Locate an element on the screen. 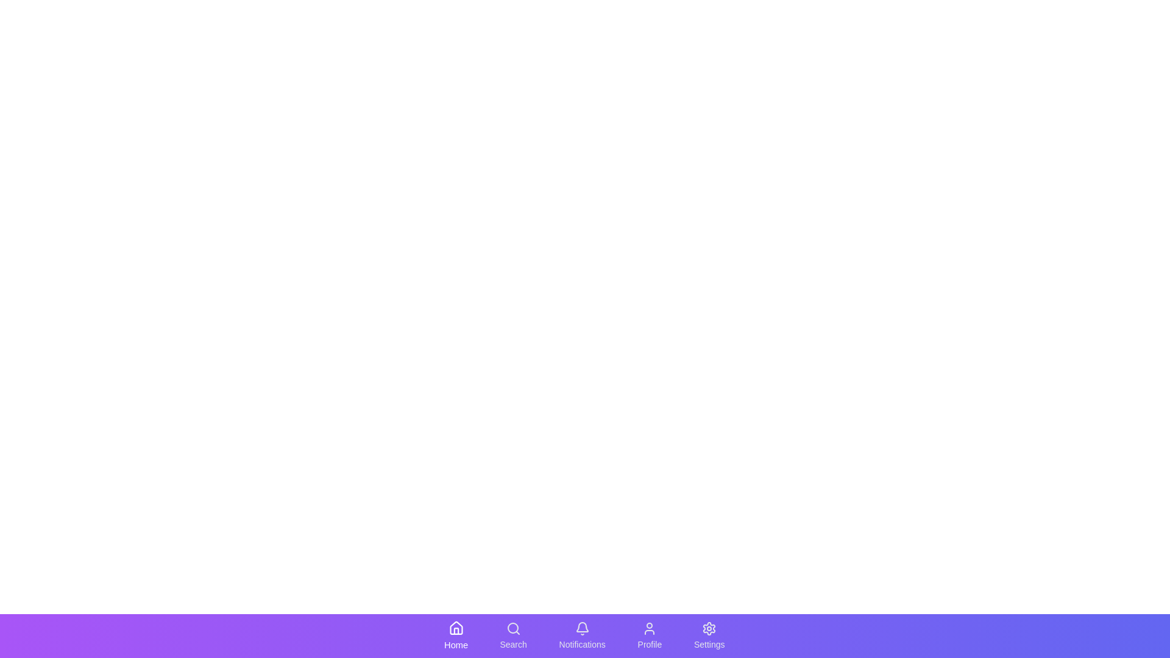 This screenshot has width=1170, height=658. the navigation icon labeled Home is located at coordinates (455, 635).